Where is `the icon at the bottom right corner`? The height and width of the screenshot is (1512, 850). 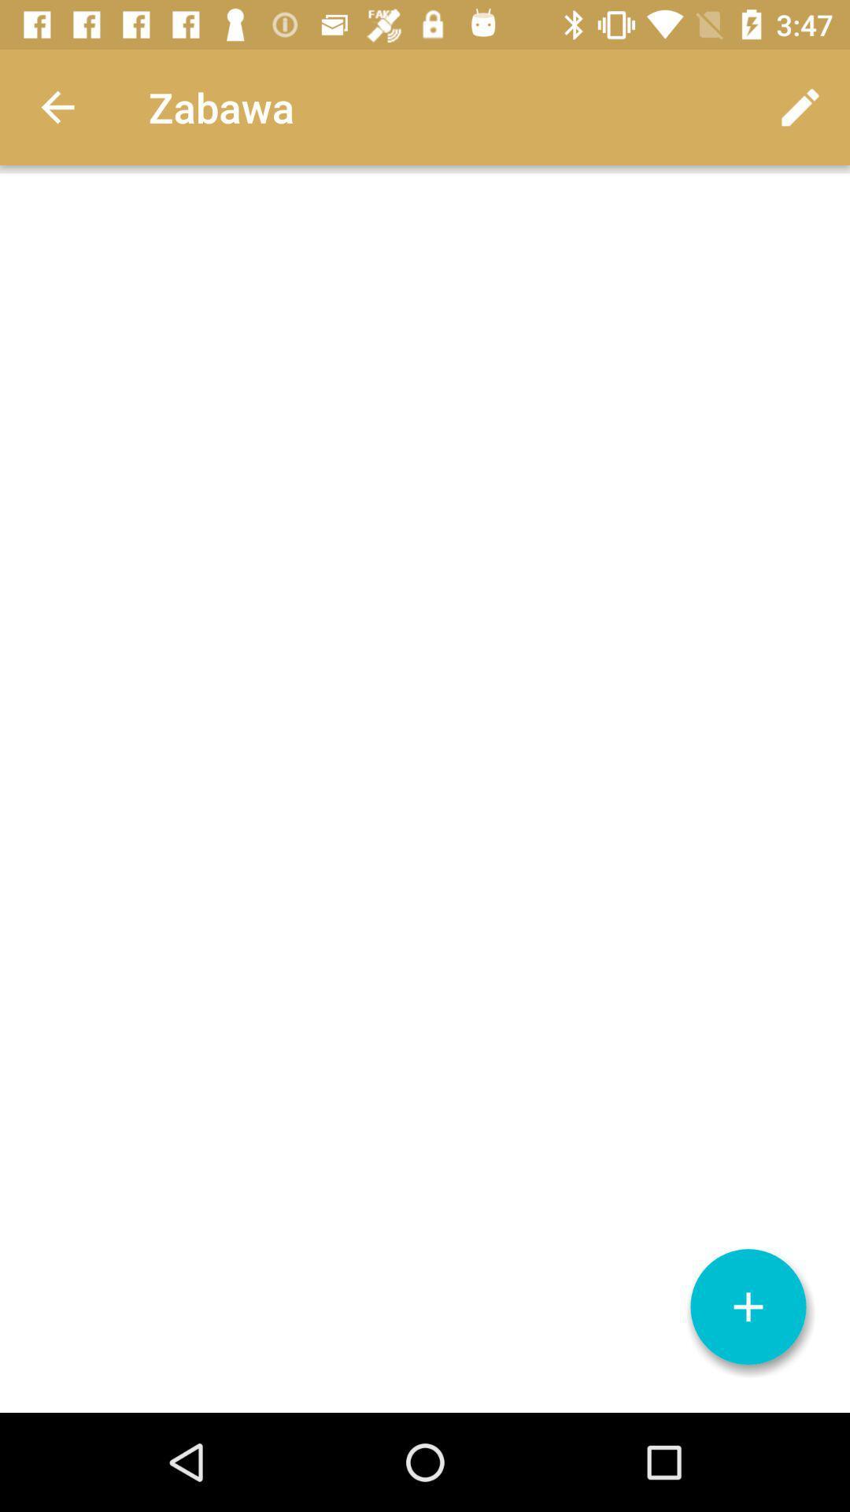 the icon at the bottom right corner is located at coordinates (748, 1306).